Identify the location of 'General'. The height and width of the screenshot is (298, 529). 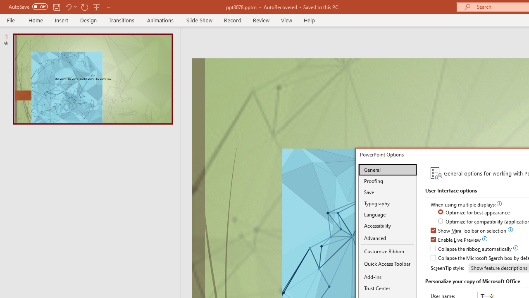
(387, 169).